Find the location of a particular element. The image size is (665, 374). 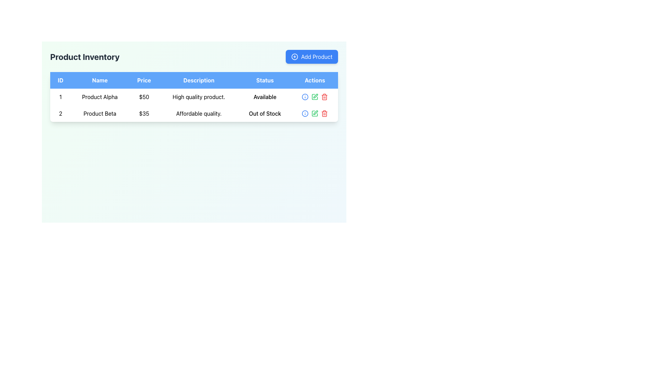

the trash bin icon button in the 'Actions' column of the second row for 'Product Beta' is located at coordinates (324, 97).